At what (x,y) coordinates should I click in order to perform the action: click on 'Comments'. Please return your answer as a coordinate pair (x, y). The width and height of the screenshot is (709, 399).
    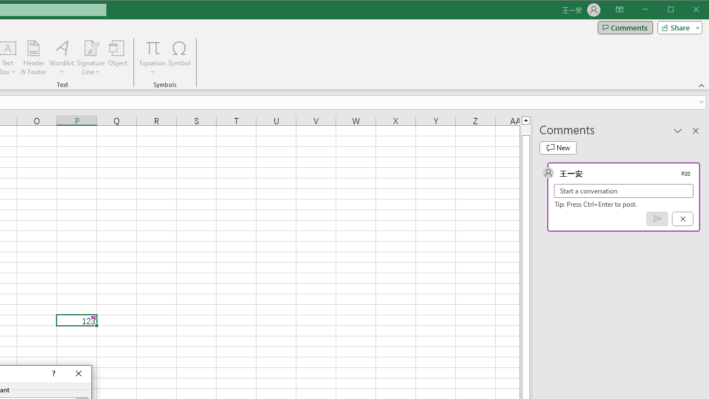
    Looking at the image, I should click on (625, 27).